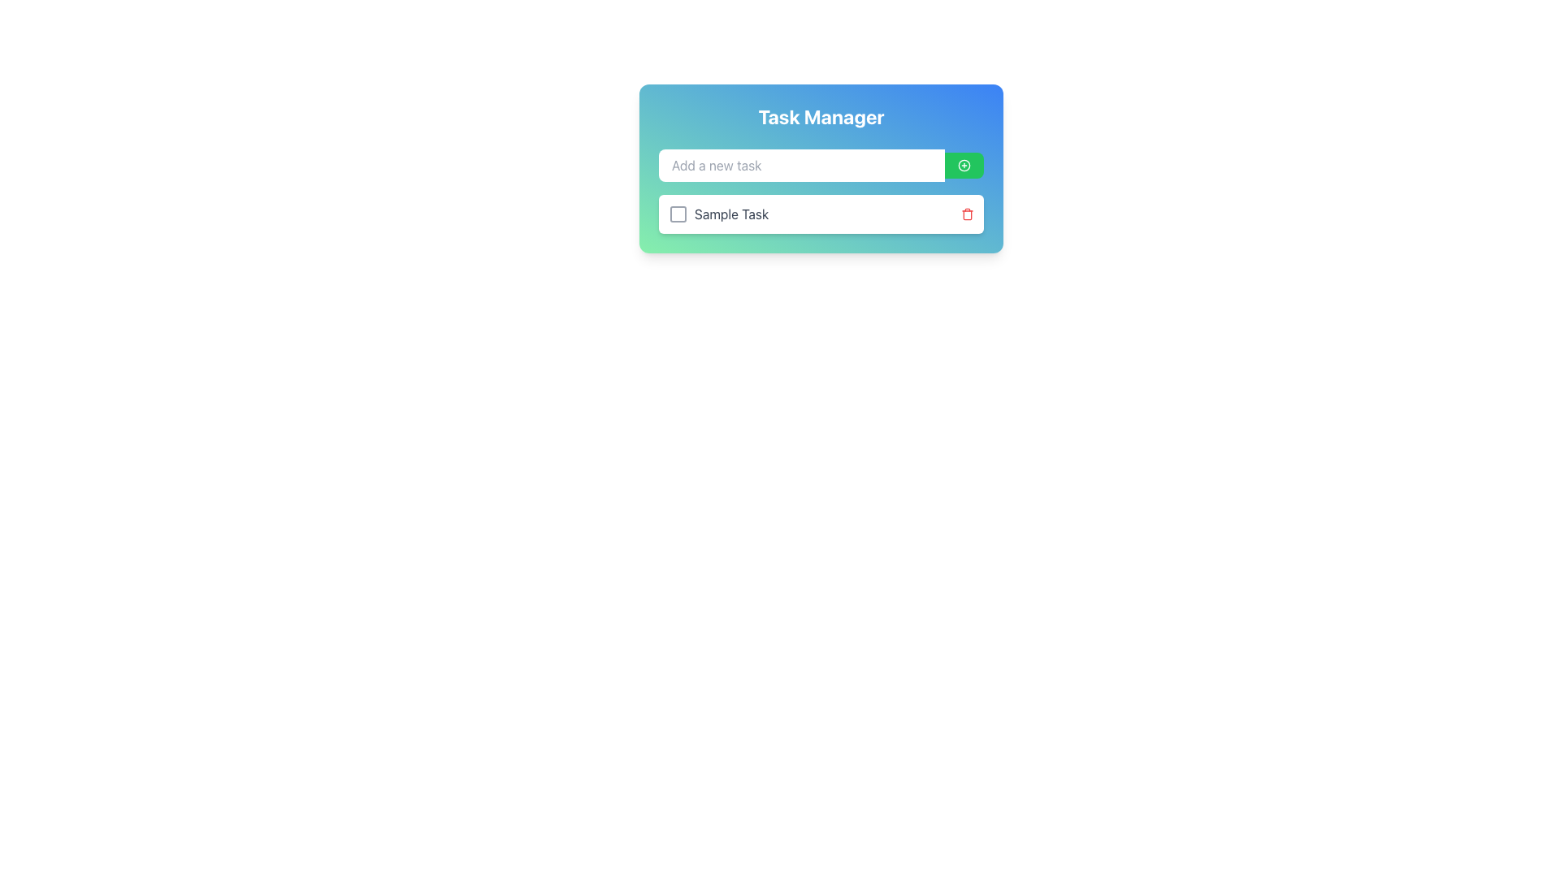  What do you see at coordinates (730, 213) in the screenshot?
I see `the static text element that describes the task, which is located to the right of the checkbox and before the delete icon in the lower section of the task manager interface` at bounding box center [730, 213].